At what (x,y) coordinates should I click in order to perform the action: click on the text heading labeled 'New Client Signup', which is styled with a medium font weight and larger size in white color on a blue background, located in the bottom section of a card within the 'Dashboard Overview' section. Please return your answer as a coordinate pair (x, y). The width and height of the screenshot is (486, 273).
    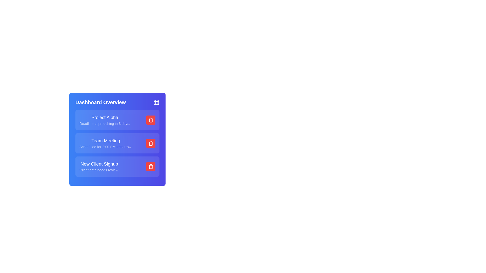
    Looking at the image, I should click on (99, 164).